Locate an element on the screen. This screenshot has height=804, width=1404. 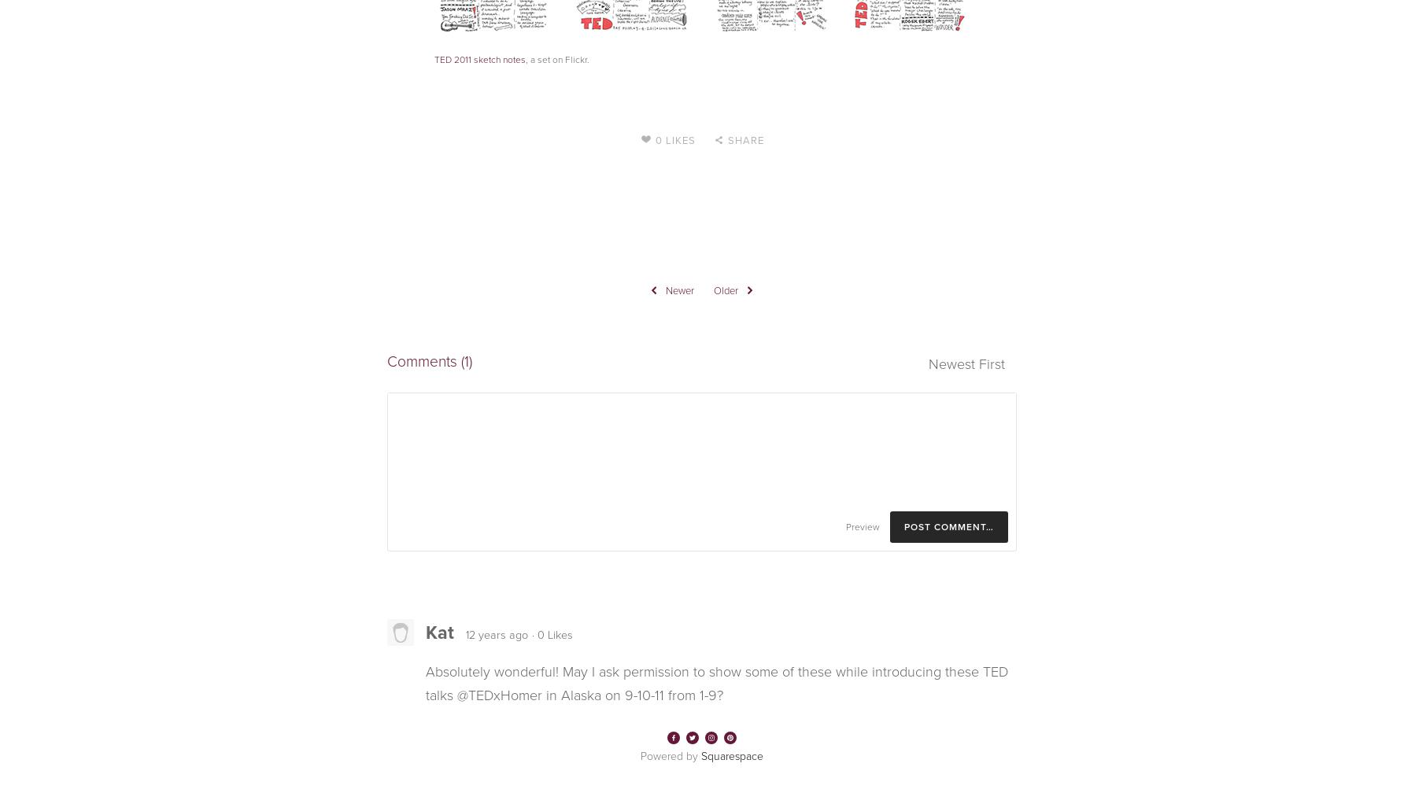
'Older' is located at coordinates (726, 290).